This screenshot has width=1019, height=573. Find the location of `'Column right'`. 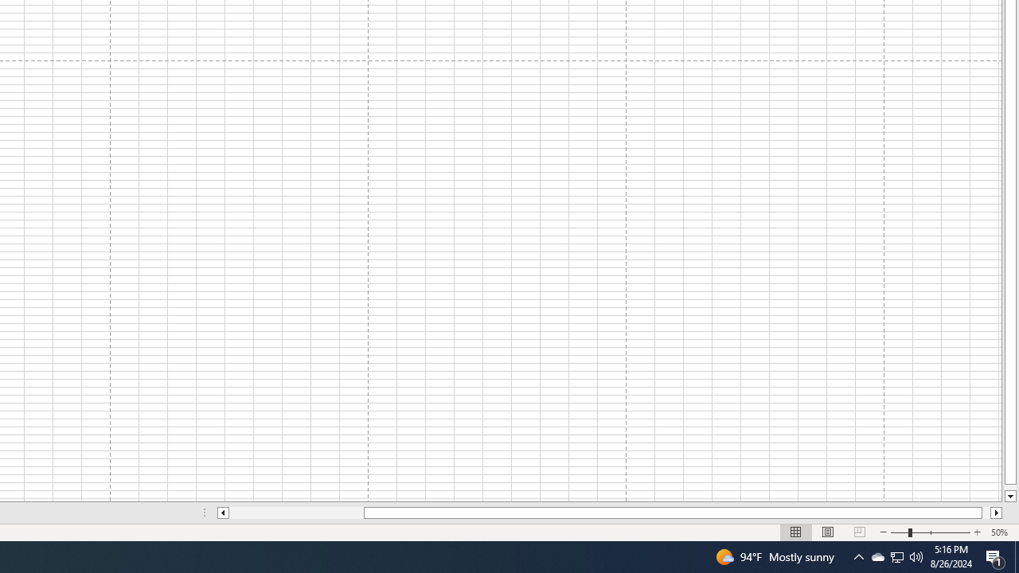

'Column right' is located at coordinates (996, 513).